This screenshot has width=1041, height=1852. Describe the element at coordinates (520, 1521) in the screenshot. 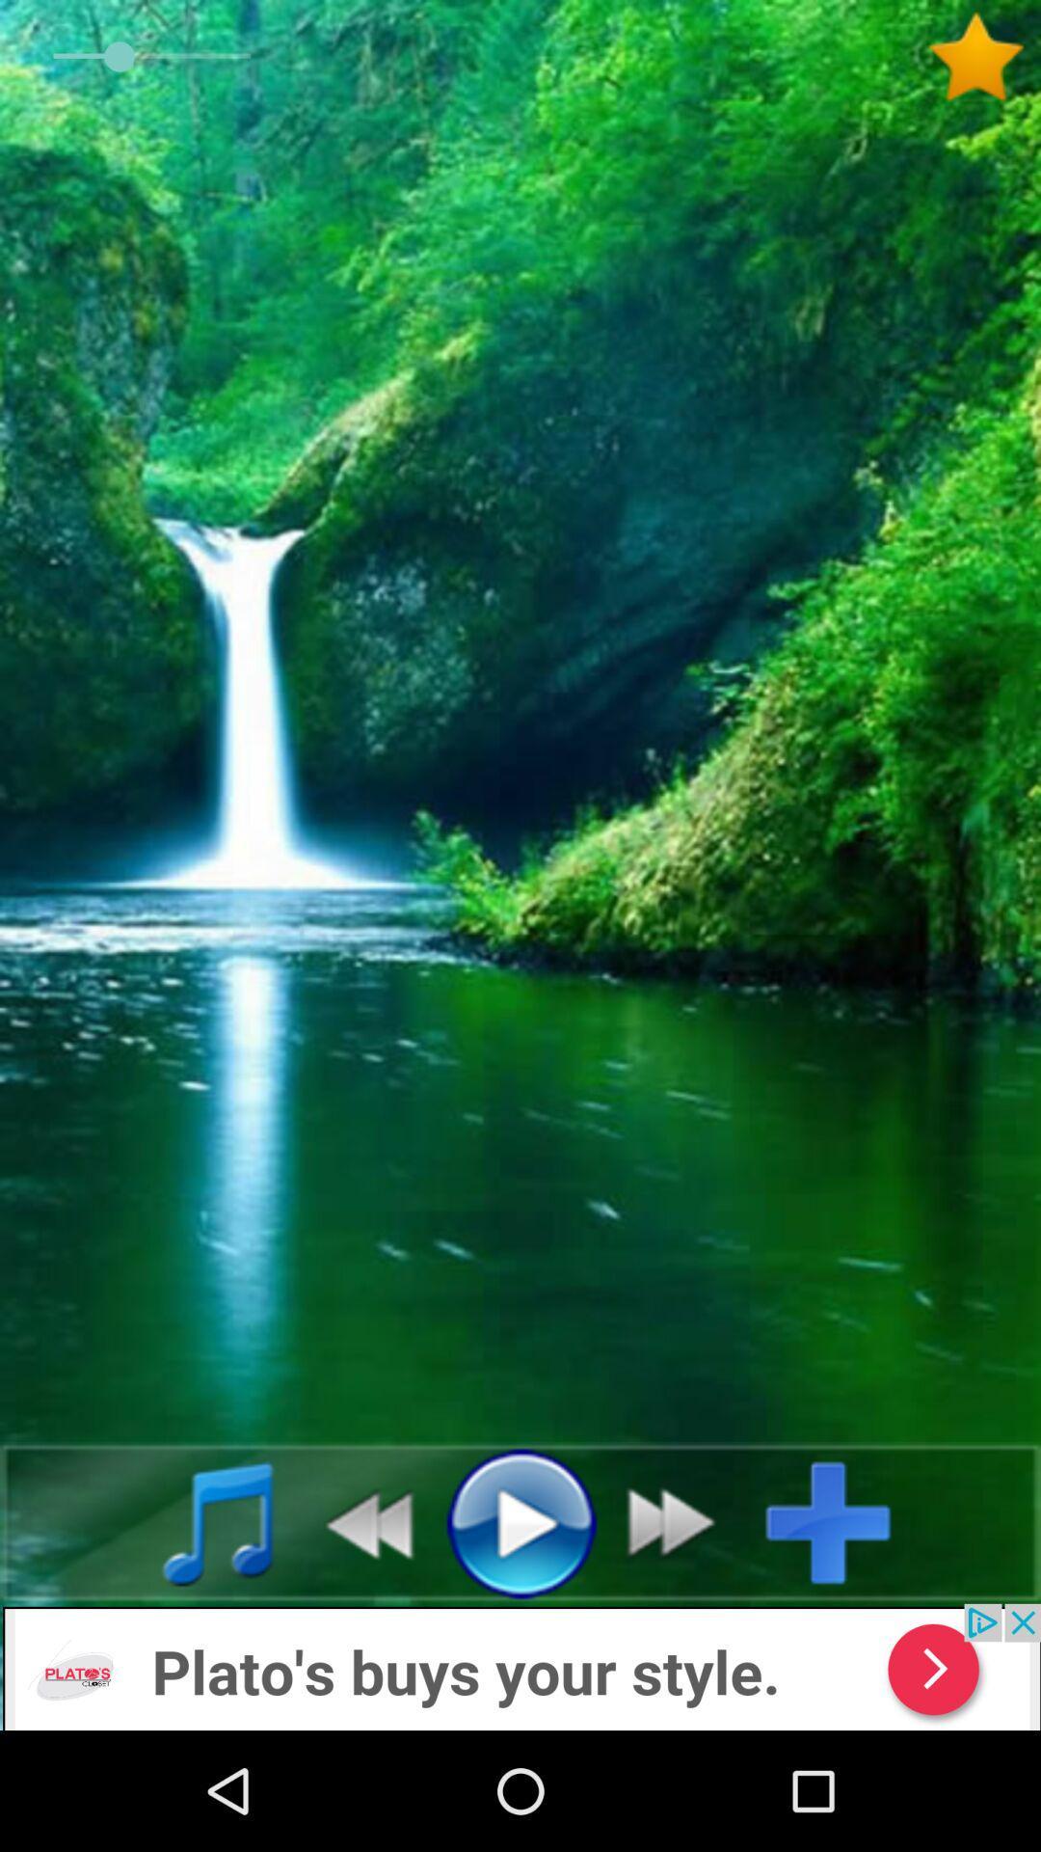

I see `play` at that location.